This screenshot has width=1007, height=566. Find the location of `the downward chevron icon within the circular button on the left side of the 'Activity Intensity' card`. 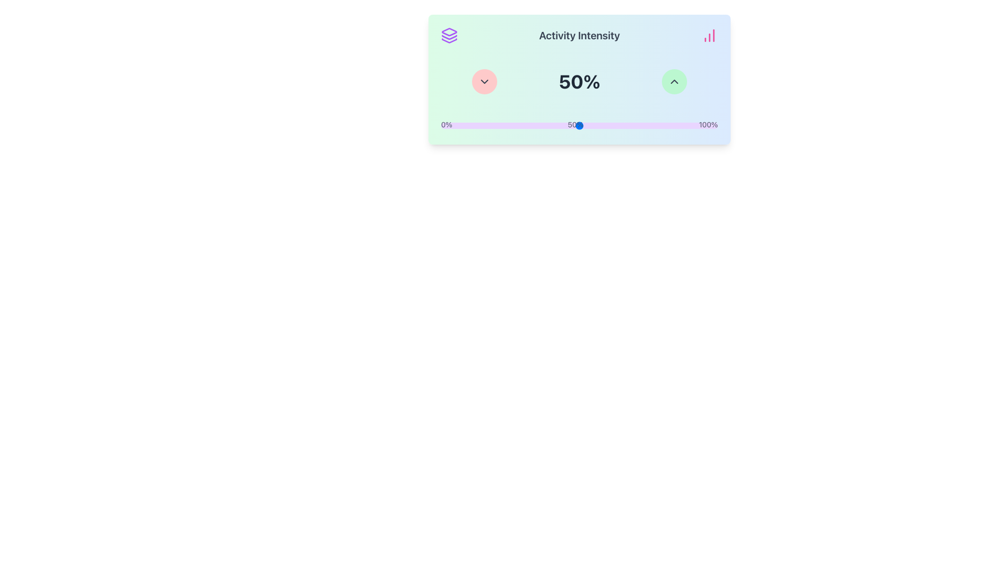

the downward chevron icon within the circular button on the left side of the 'Activity Intensity' card is located at coordinates (484, 81).